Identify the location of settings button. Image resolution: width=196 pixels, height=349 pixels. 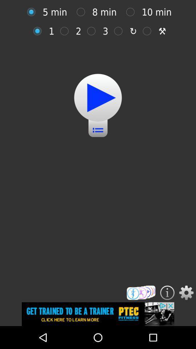
(186, 293).